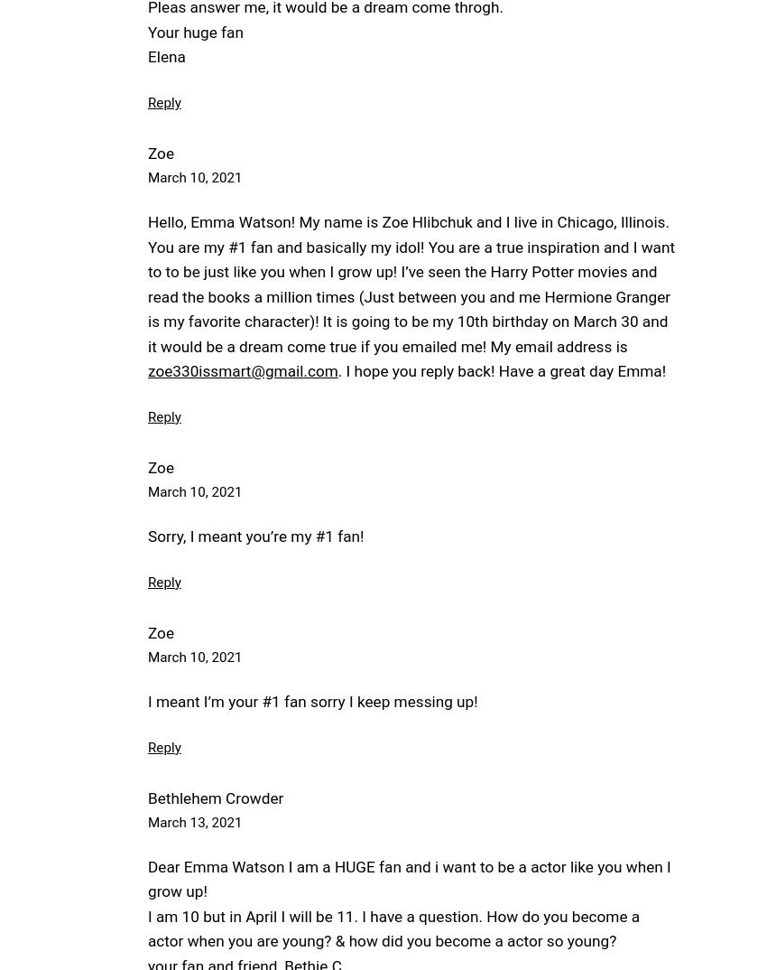 The image size is (767, 970). What do you see at coordinates (147, 57) in the screenshot?
I see `'Elena'` at bounding box center [147, 57].